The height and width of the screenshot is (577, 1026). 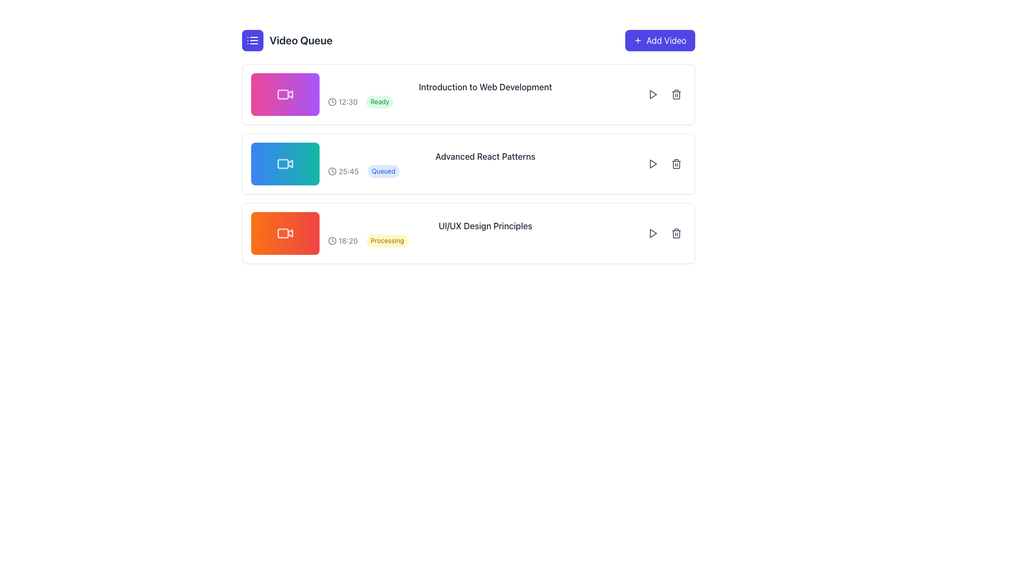 I want to click on the decorative element with a gradient background featuring a video camera icon, located in the left section of the first video entry titled 'Introduction to Web Development', so click(x=285, y=94).